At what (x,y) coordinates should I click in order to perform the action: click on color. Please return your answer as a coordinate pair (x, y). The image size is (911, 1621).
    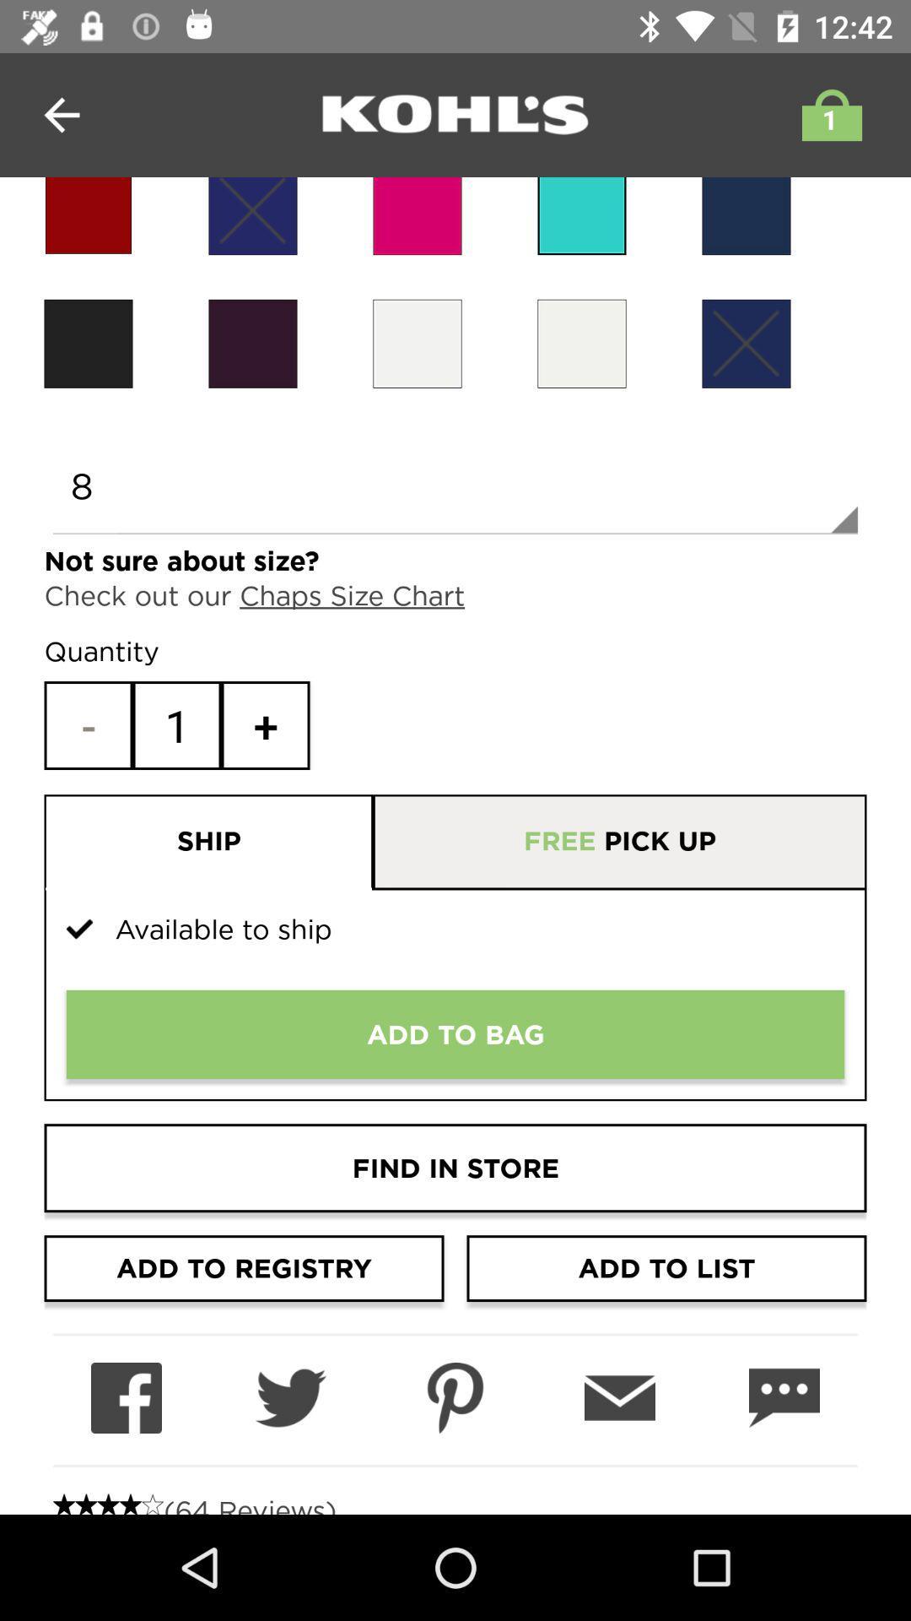
    Looking at the image, I should click on (581, 215).